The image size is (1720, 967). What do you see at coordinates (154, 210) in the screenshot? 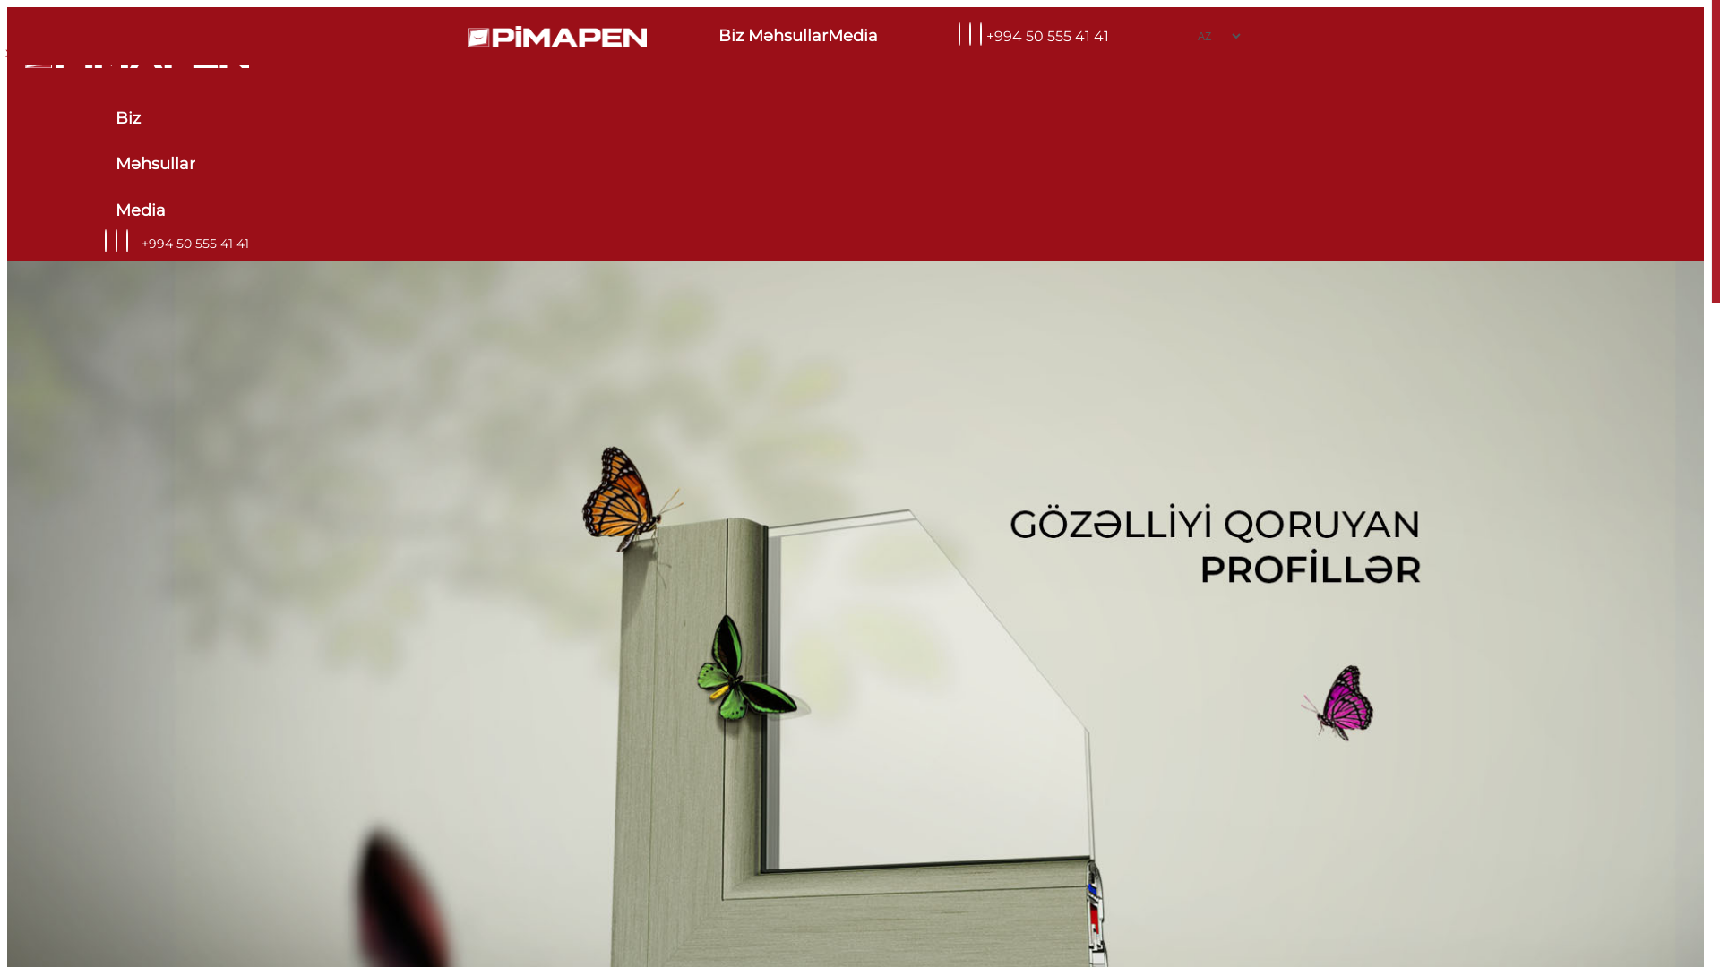
I see `'Media'` at bounding box center [154, 210].